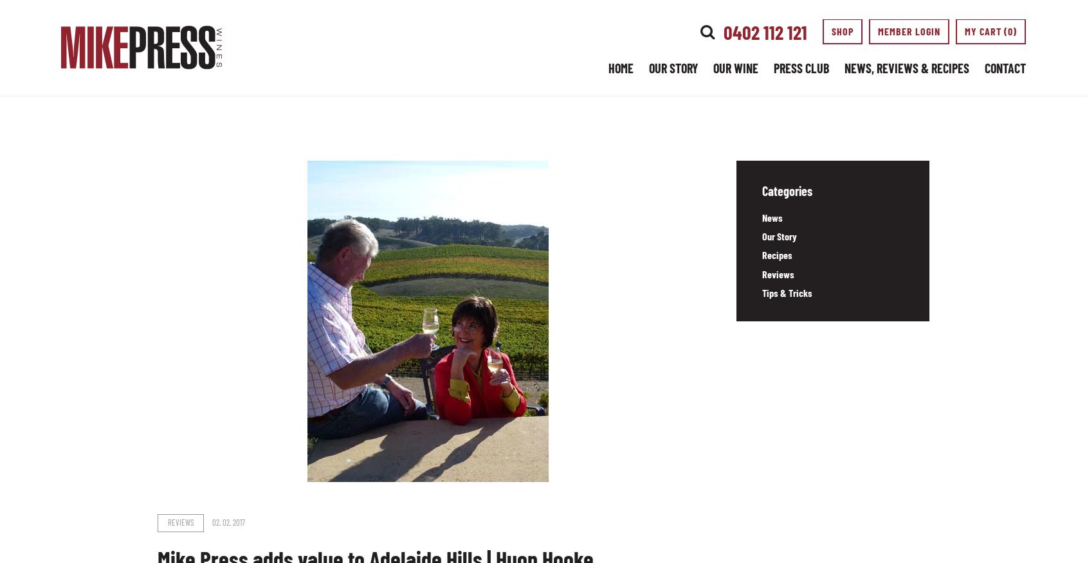 The image size is (1087, 563). I want to click on 'Tips & Tricks', so click(787, 291).